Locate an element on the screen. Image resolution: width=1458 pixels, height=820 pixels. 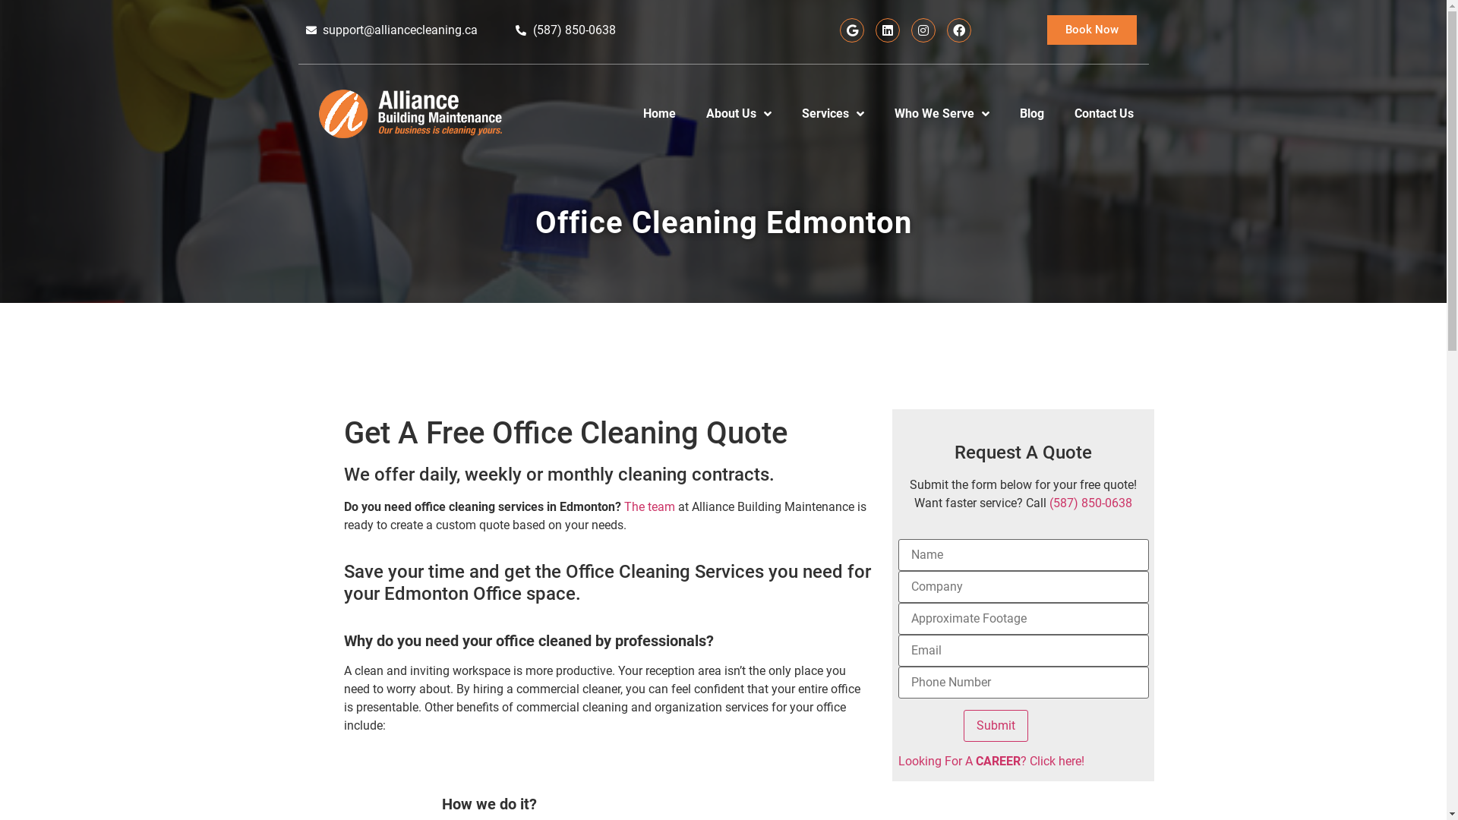
'Home' is located at coordinates (658, 113).